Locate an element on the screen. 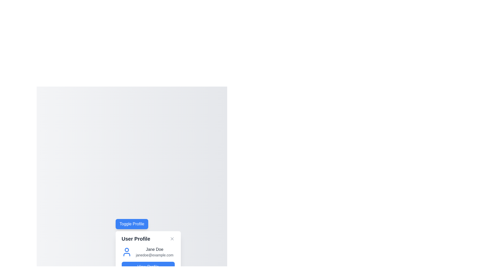  the user information Text label located in the 'User Profile' modal, positioned to the right of the user icon is located at coordinates (154, 252).